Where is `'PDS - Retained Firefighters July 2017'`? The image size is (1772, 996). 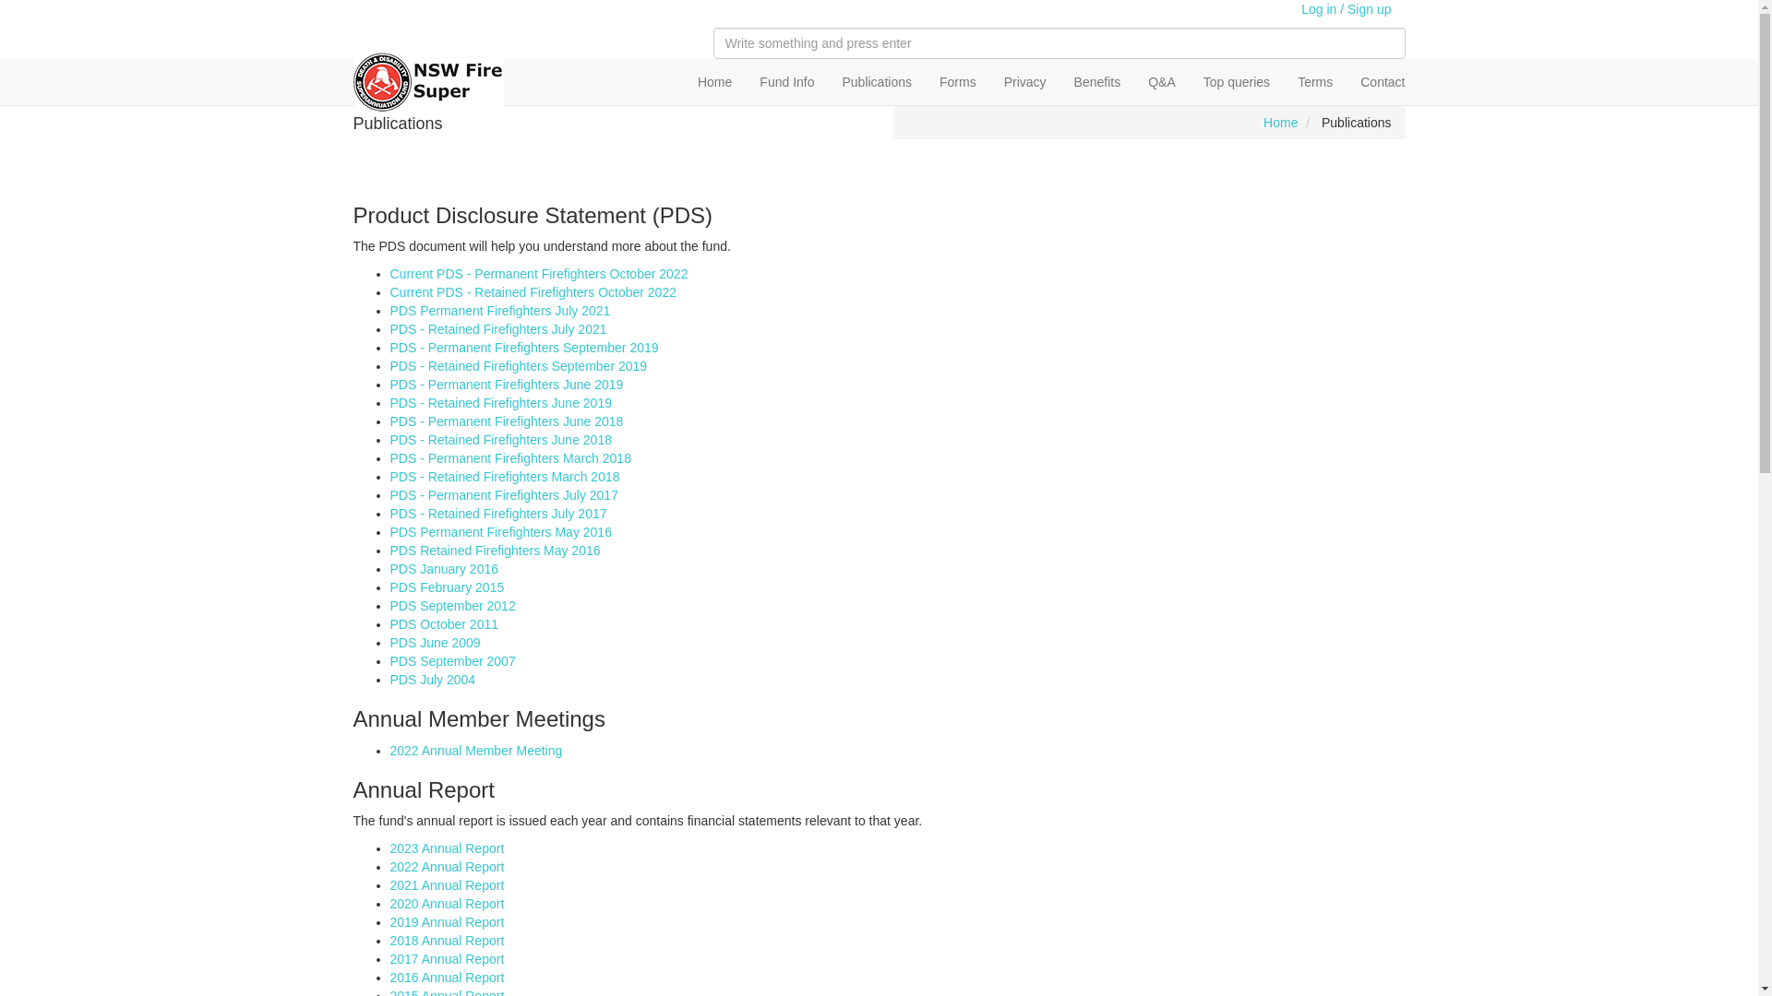 'PDS - Retained Firefighters July 2017' is located at coordinates (389, 513).